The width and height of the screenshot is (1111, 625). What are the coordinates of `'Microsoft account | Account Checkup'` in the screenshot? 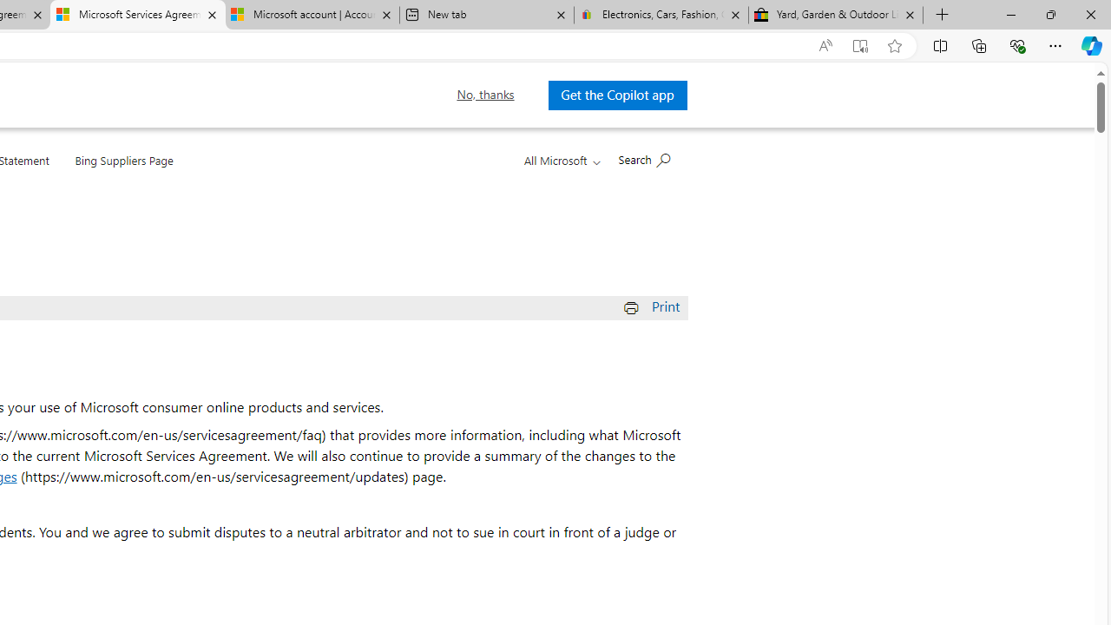 It's located at (312, 15).